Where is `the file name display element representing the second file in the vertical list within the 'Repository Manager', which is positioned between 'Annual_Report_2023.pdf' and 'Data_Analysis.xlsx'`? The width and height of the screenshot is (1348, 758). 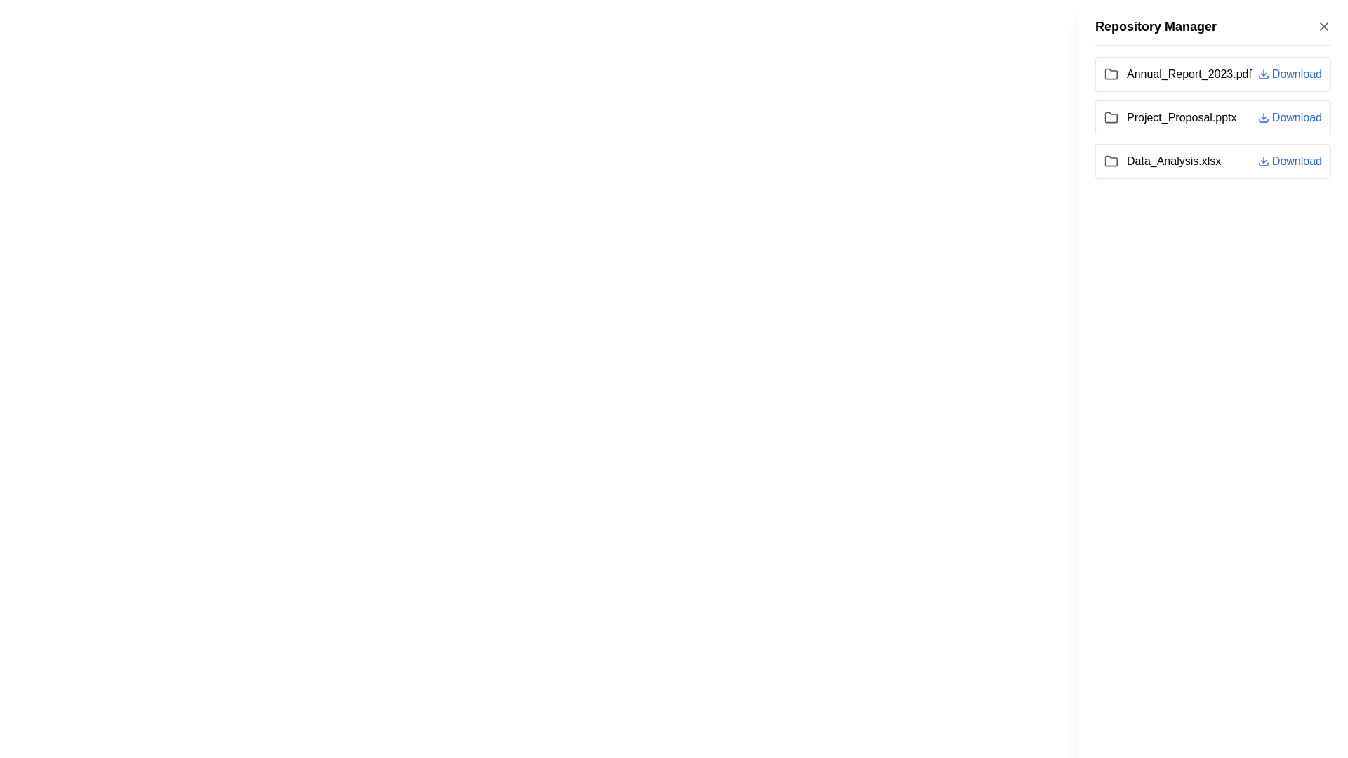 the file name display element representing the second file in the vertical list within the 'Repository Manager', which is positioned between 'Annual_Report_2023.pdf' and 'Data_Analysis.xlsx' is located at coordinates (1170, 117).